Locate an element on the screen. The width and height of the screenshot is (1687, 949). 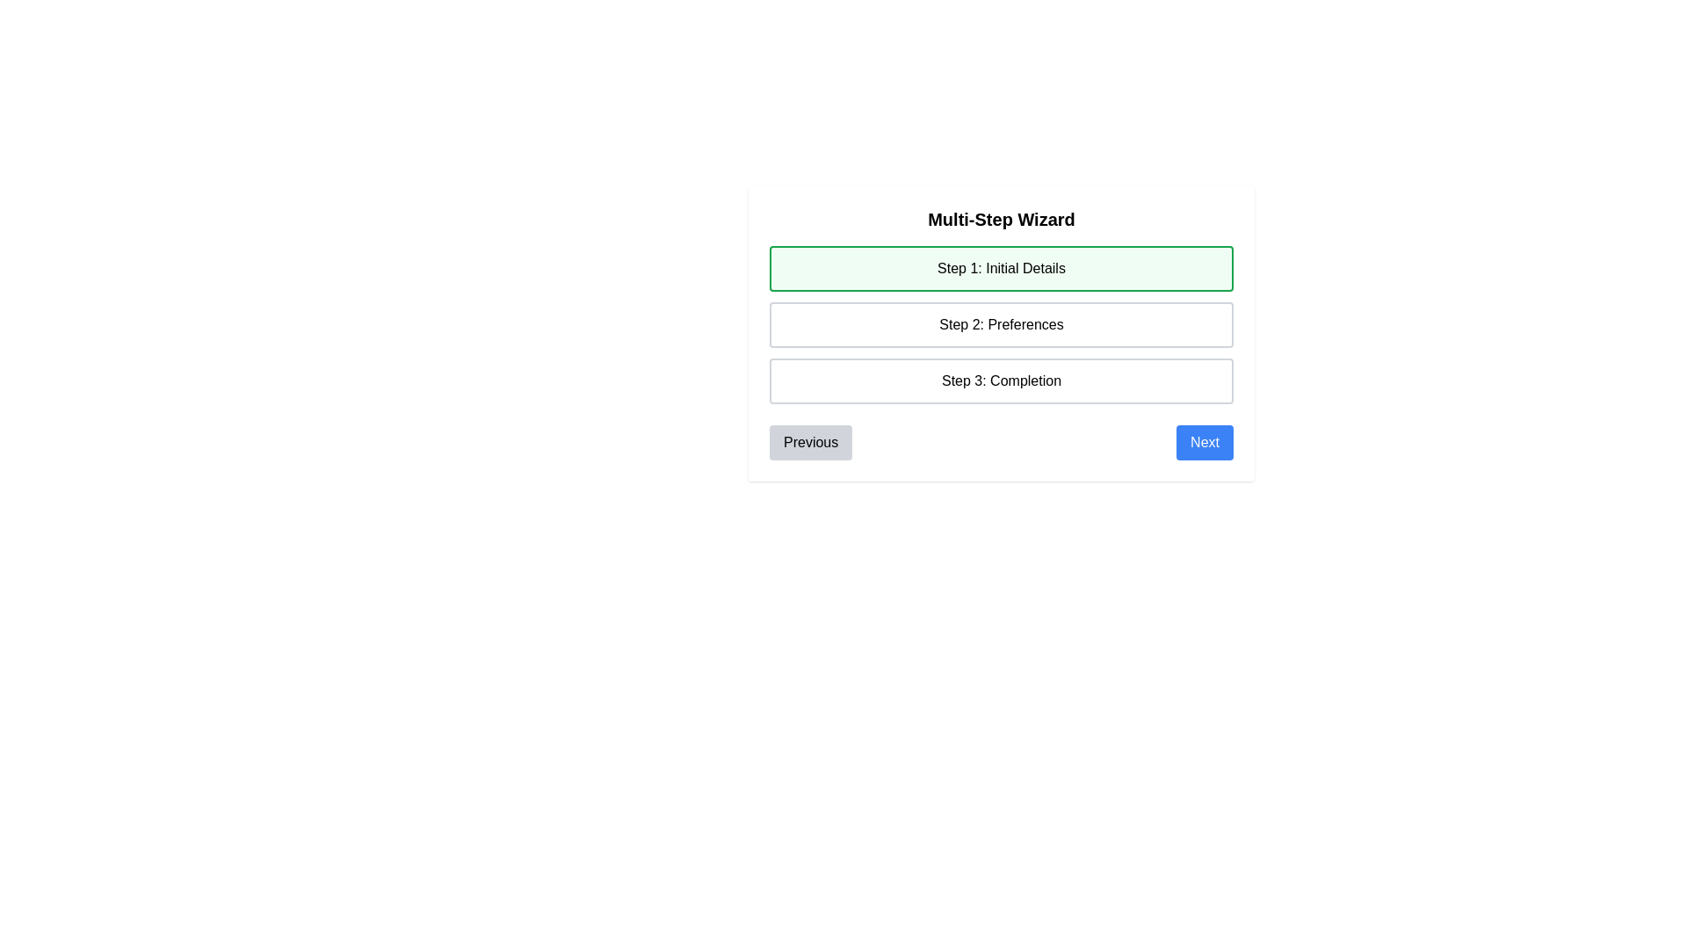
the informational box labeled 'Step 1: Initial Details', which has a light green background and is outlined with a green border, positioned beneath the title 'Multi-Step Wizard' is located at coordinates (1002, 268).